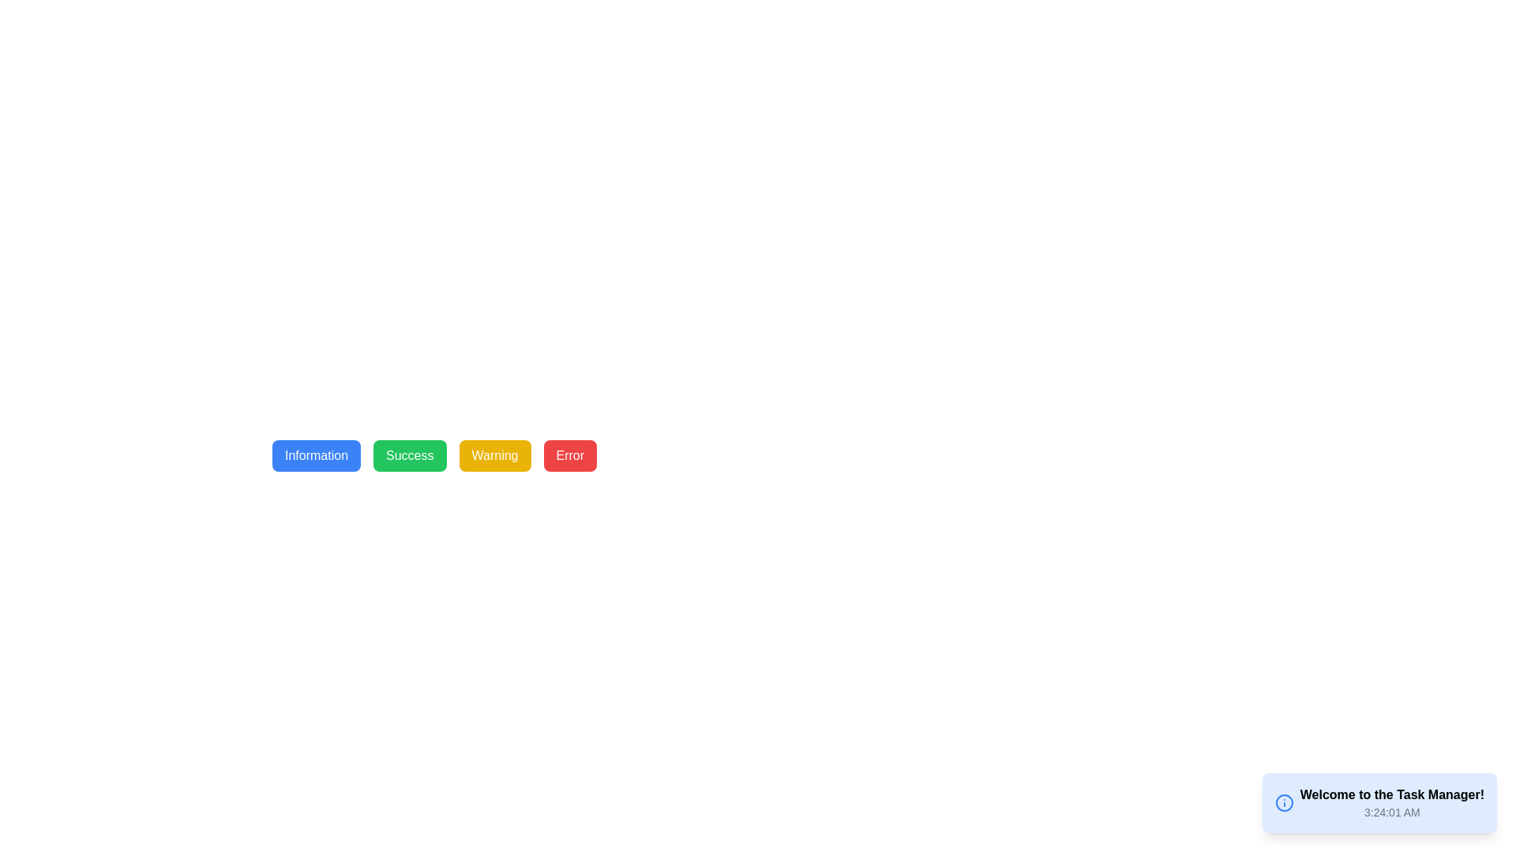 The width and height of the screenshot is (1516, 852). What do you see at coordinates (1284, 803) in the screenshot?
I see `the informational icon located in the bottom-right corner of the interface, to the left of the text 'Welcome to the Task Manager!' and '3:24:01 AM'` at bounding box center [1284, 803].